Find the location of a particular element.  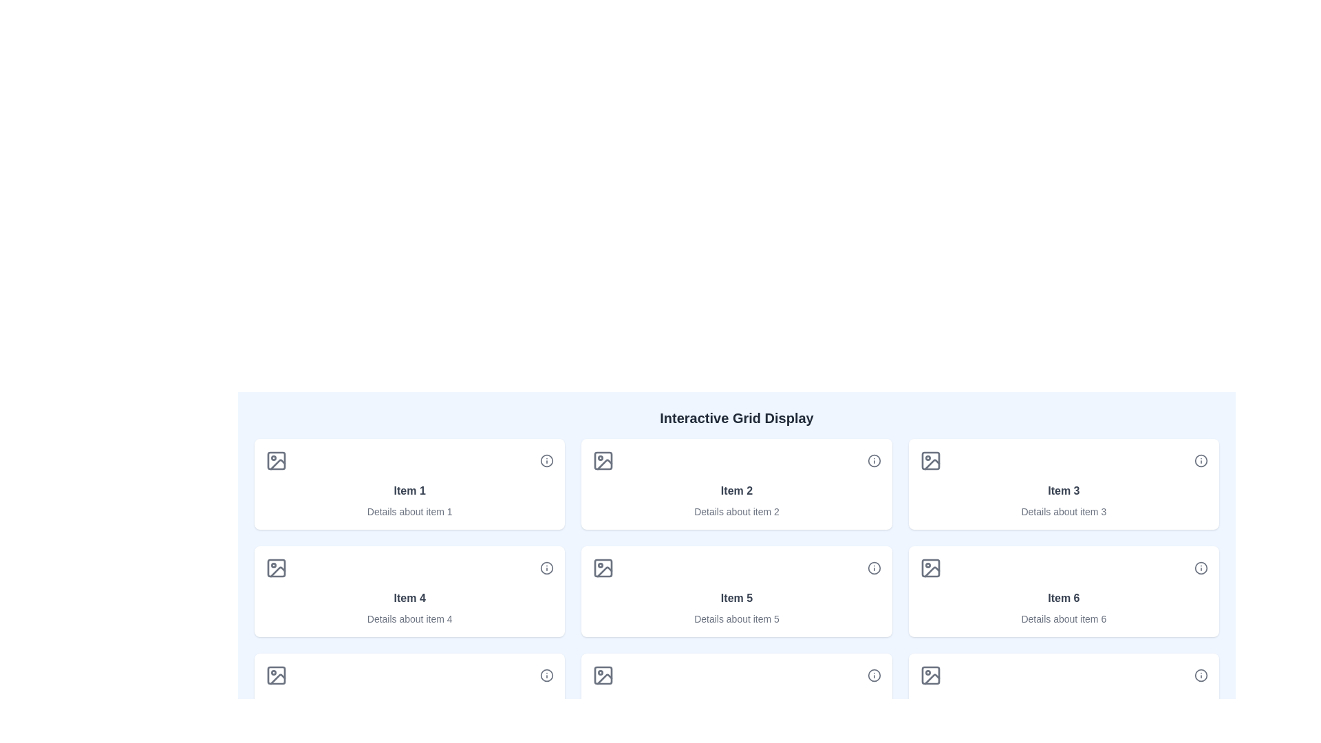

the informational card displaying 'Item 5' with details about item 5, located in the second row, third column of the grid layout is located at coordinates (735, 607).